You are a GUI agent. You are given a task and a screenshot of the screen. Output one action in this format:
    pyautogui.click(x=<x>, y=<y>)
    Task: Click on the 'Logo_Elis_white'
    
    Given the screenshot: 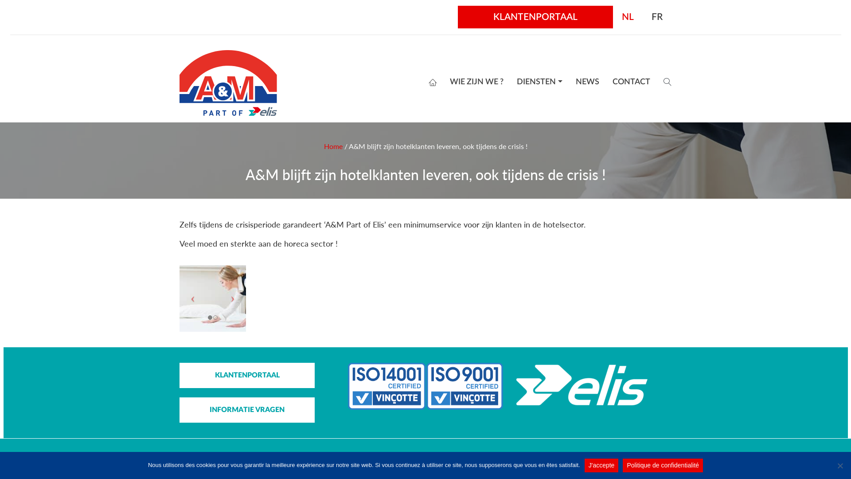 What is the action you would take?
    pyautogui.click(x=583, y=384)
    